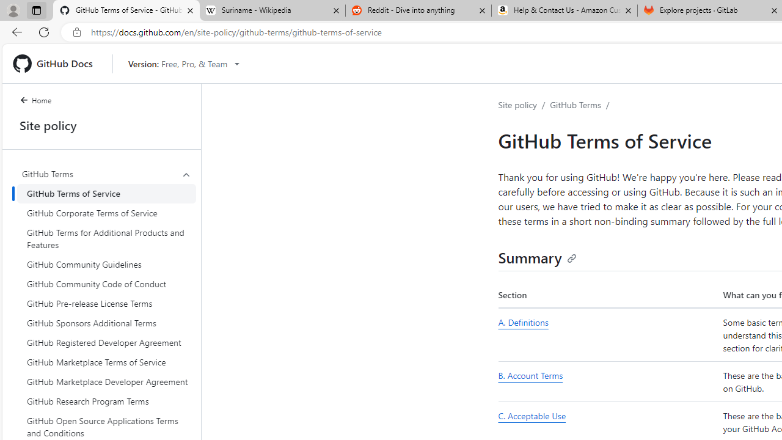 The image size is (782, 440). What do you see at coordinates (106, 342) in the screenshot?
I see `'GitHub Registered Developer Agreement'` at bounding box center [106, 342].